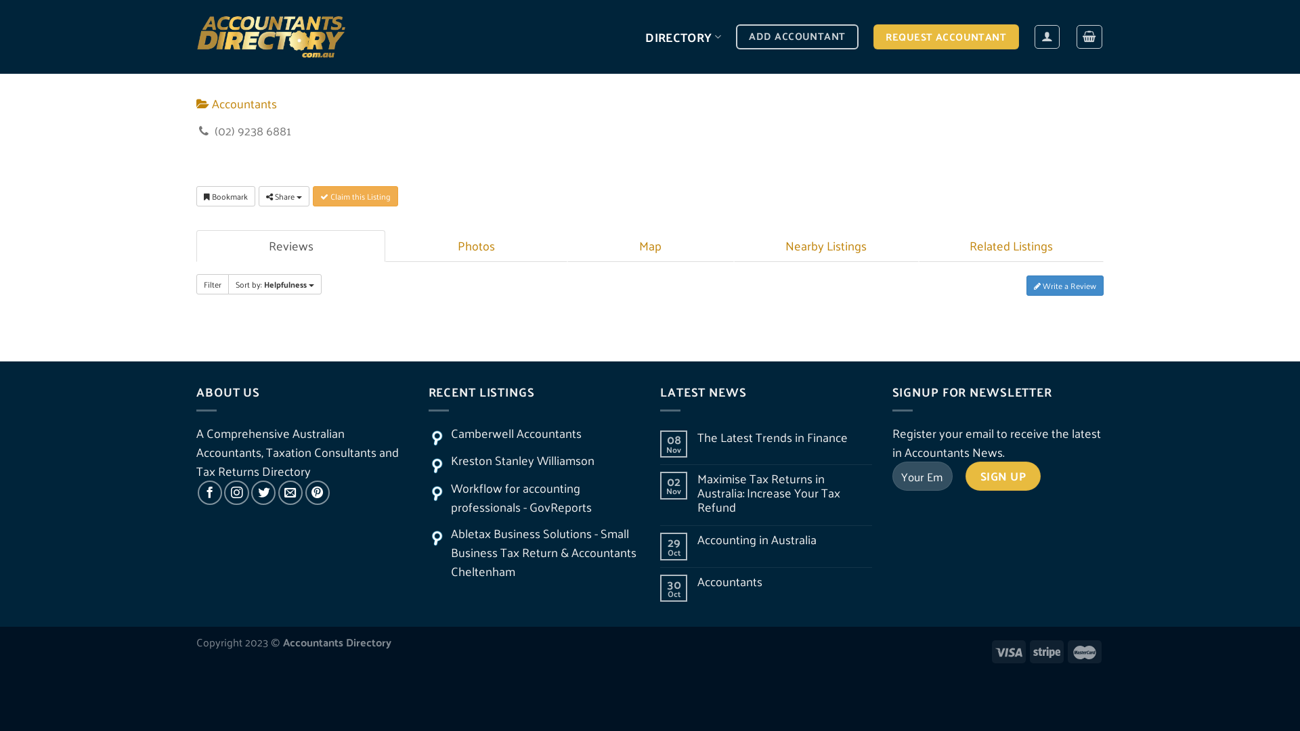 The height and width of the screenshot is (731, 1300). I want to click on 'Follow on Instagram', so click(236, 493).